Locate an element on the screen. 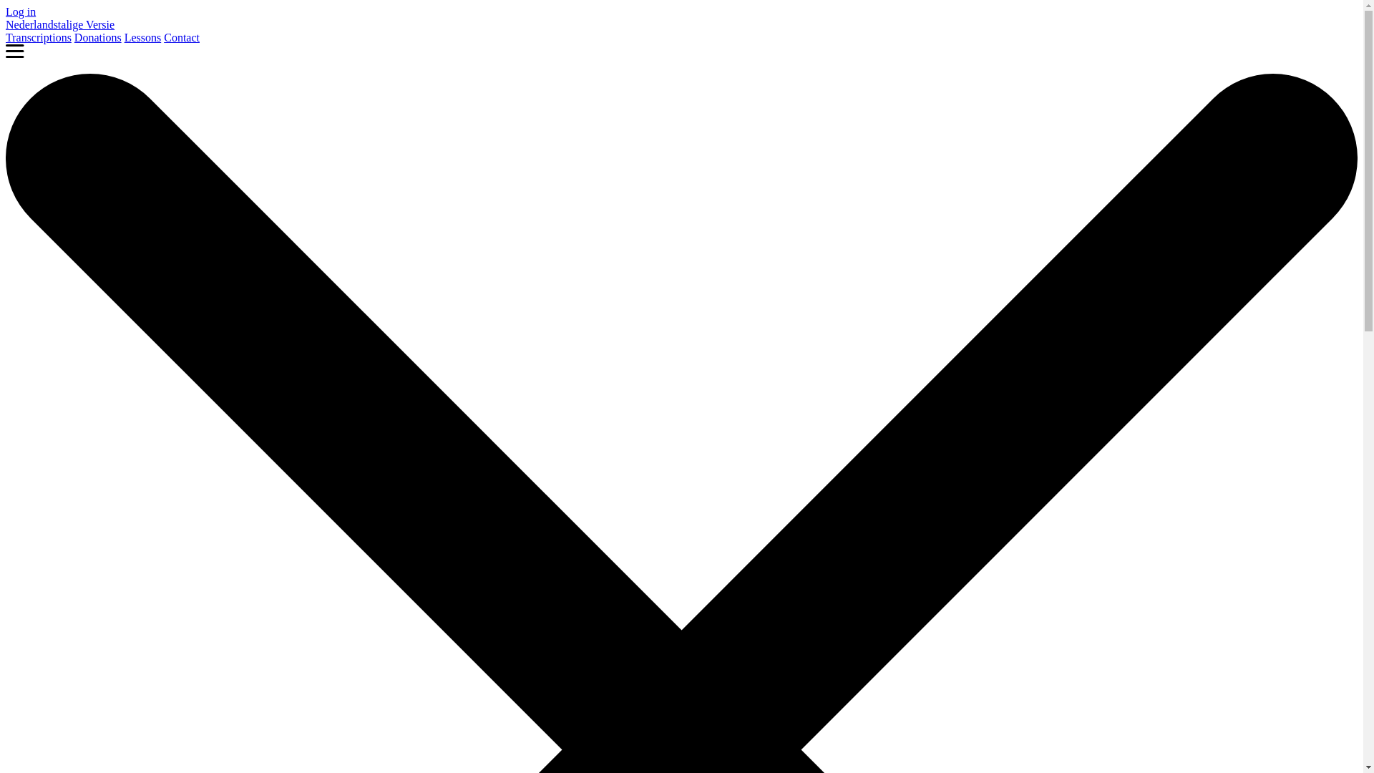 Image resolution: width=1374 pixels, height=773 pixels. 'Transcriptions' is located at coordinates (38, 37).